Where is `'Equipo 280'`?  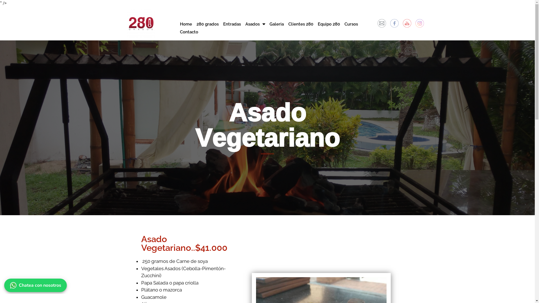 'Equipo 280' is located at coordinates (329, 24).